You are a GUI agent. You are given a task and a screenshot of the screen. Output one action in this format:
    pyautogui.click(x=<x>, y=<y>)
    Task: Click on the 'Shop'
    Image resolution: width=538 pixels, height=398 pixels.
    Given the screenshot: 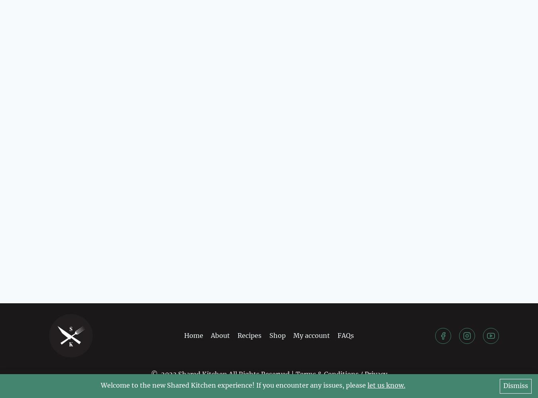 What is the action you would take?
    pyautogui.click(x=277, y=335)
    